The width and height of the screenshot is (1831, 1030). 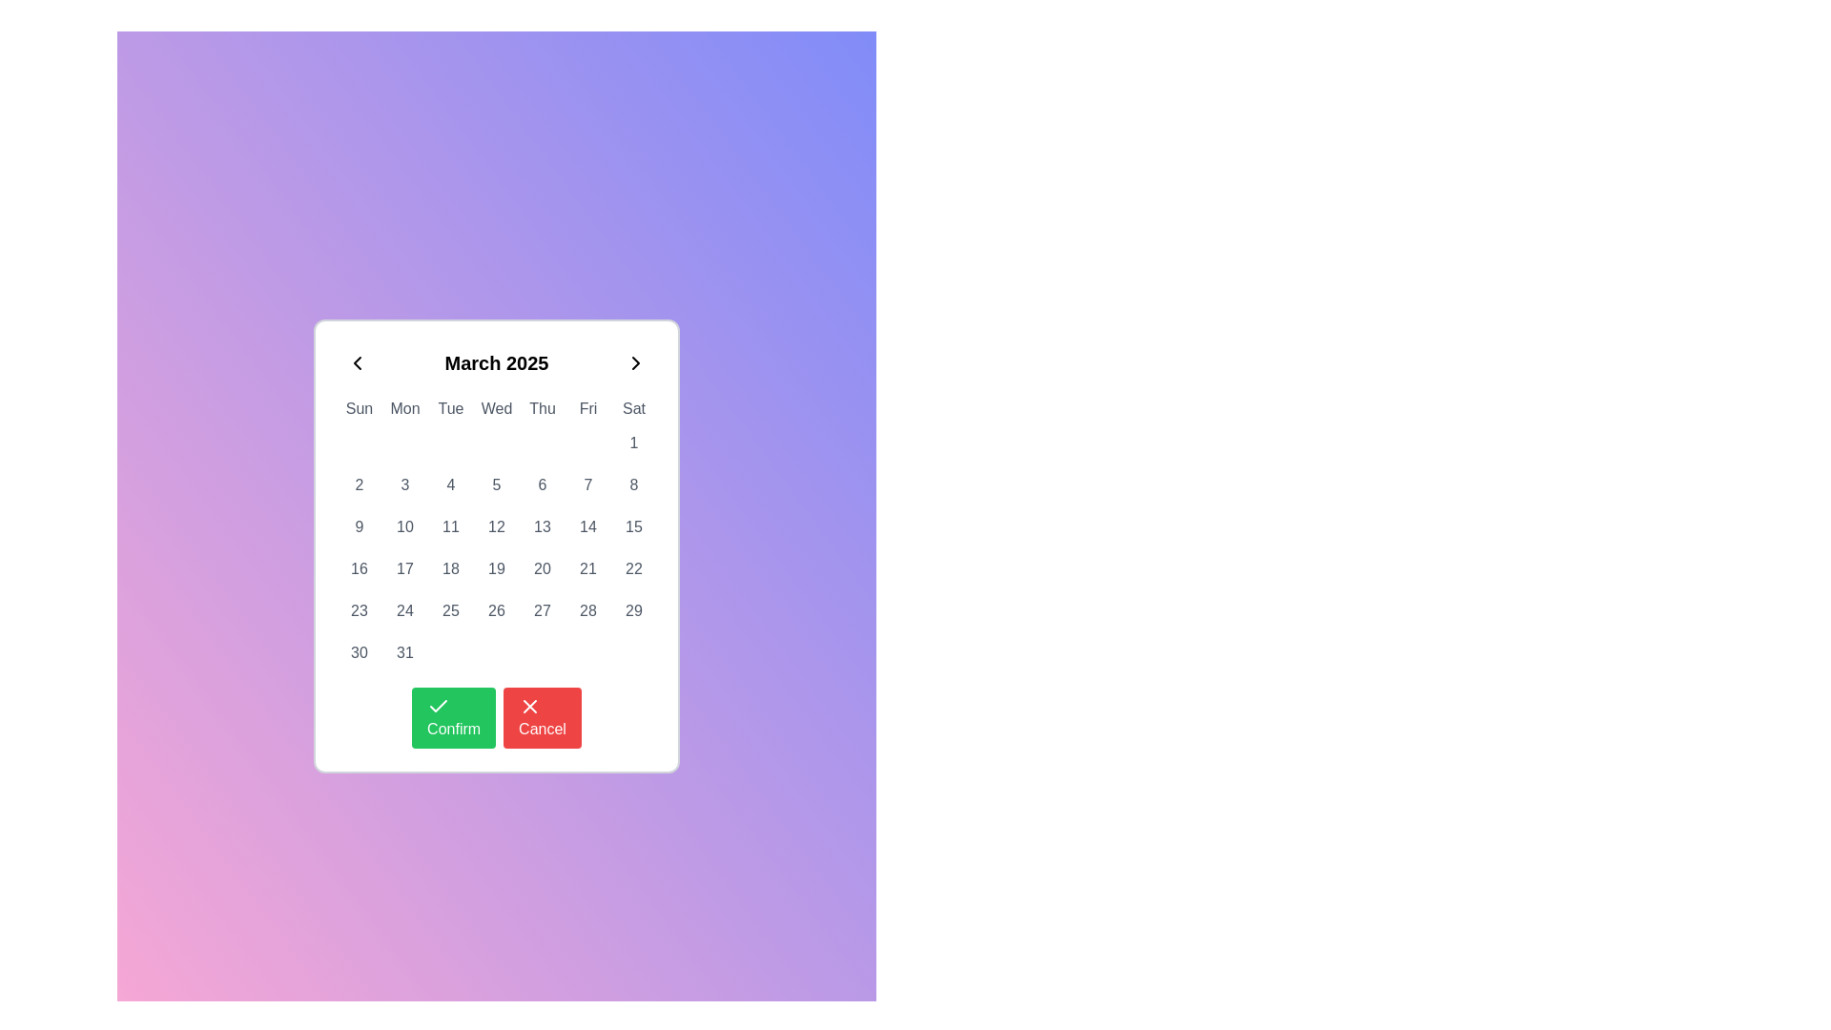 What do you see at coordinates (357, 363) in the screenshot?
I see `the chevron navigation arrow icon located in the header section of the calendar interface` at bounding box center [357, 363].